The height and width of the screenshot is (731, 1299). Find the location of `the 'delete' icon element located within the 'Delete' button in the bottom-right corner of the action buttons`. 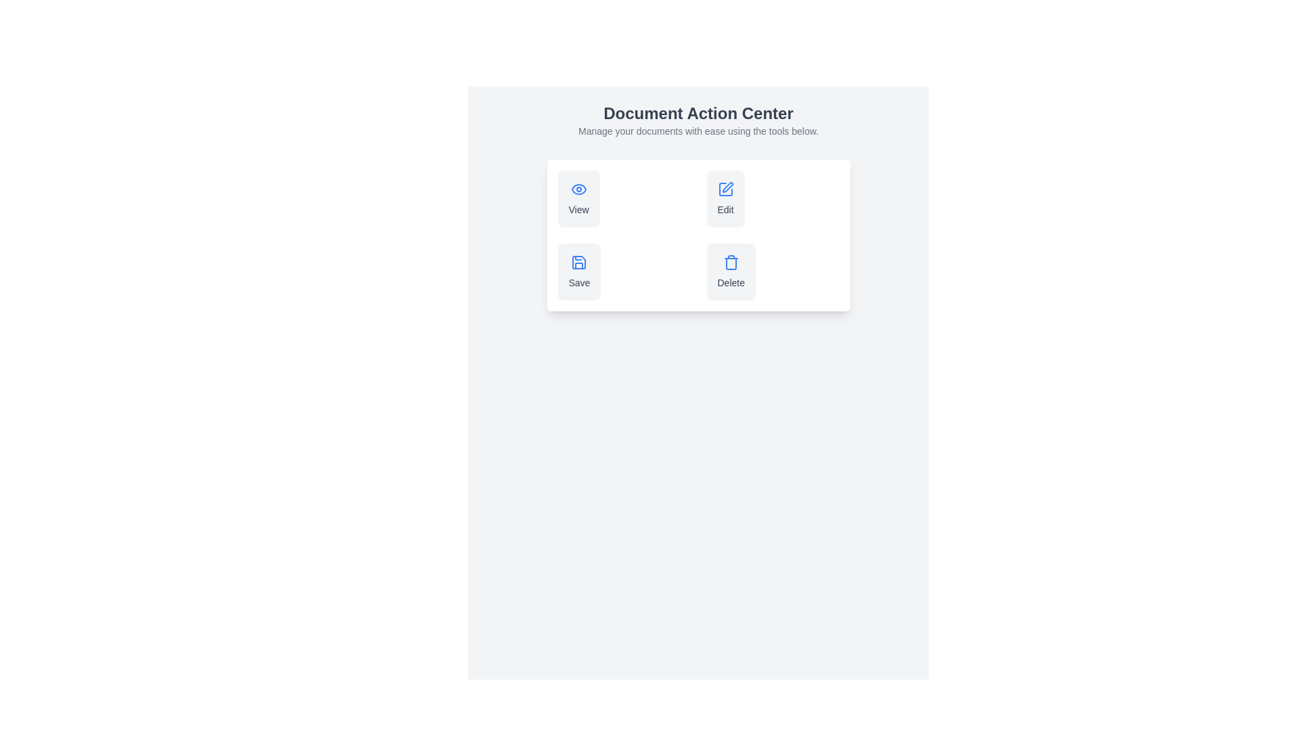

the 'delete' icon element located within the 'Delete' button in the bottom-right corner of the action buttons is located at coordinates (730, 263).